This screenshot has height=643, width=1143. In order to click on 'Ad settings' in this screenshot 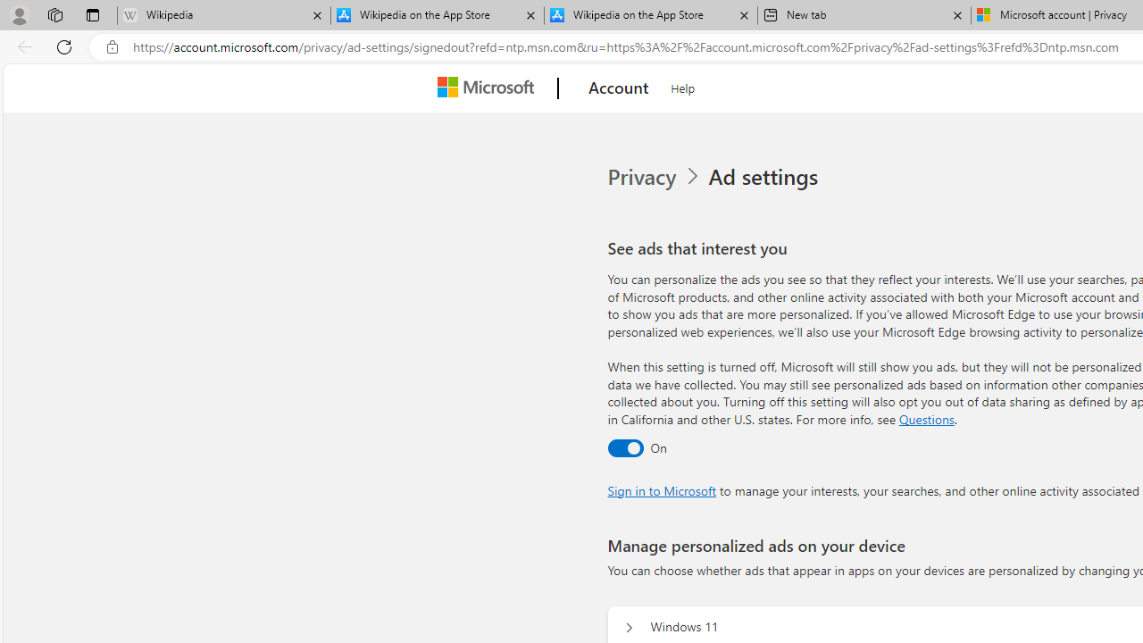, I will do `click(766, 177)`.